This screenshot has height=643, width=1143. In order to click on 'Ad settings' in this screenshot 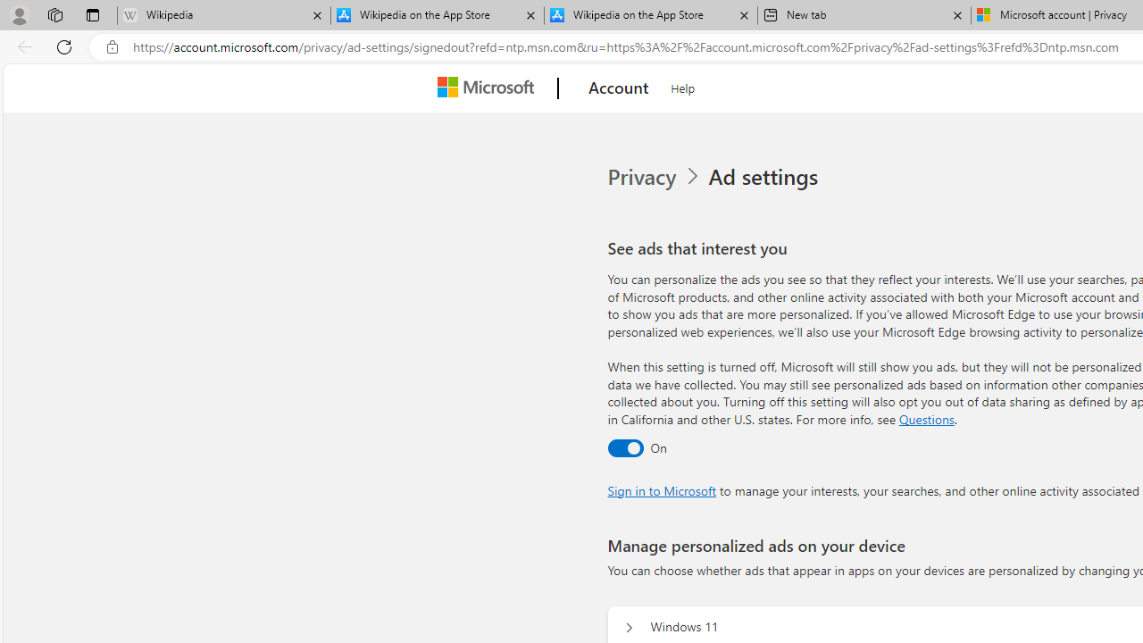, I will do `click(766, 177)`.